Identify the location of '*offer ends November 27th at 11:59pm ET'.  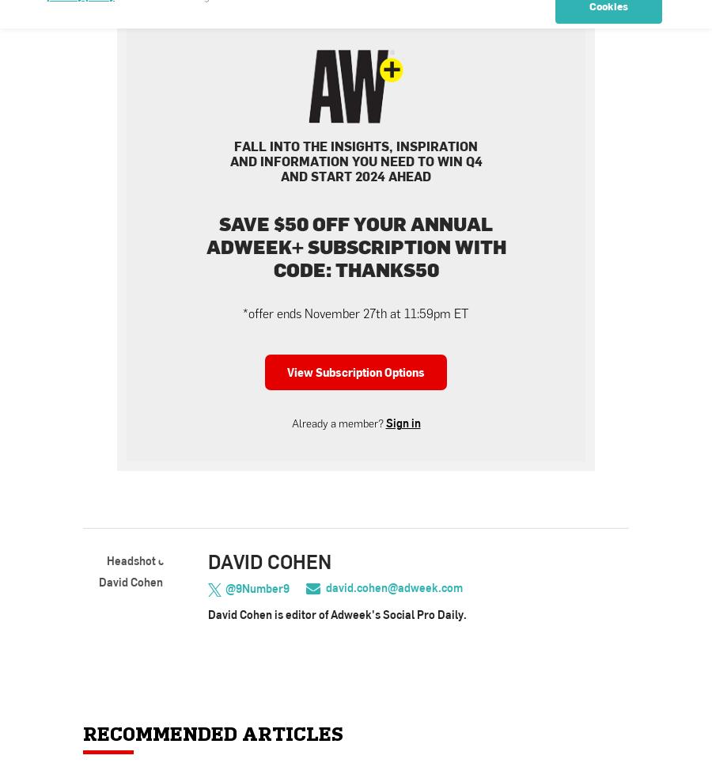
(356, 313).